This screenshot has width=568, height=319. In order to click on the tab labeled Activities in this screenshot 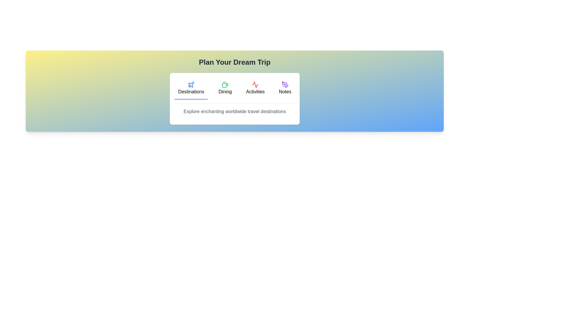, I will do `click(255, 89)`.